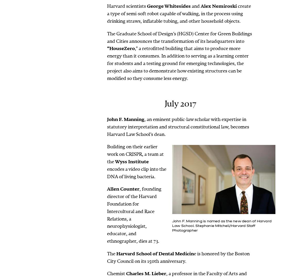 This screenshot has width=296, height=278. What do you see at coordinates (172, 225) in the screenshot?
I see `'John F. Manning is named as the new dean of Harvard Law School. Stephanie Mitchell/Harvard Staff Photographer'` at bounding box center [172, 225].